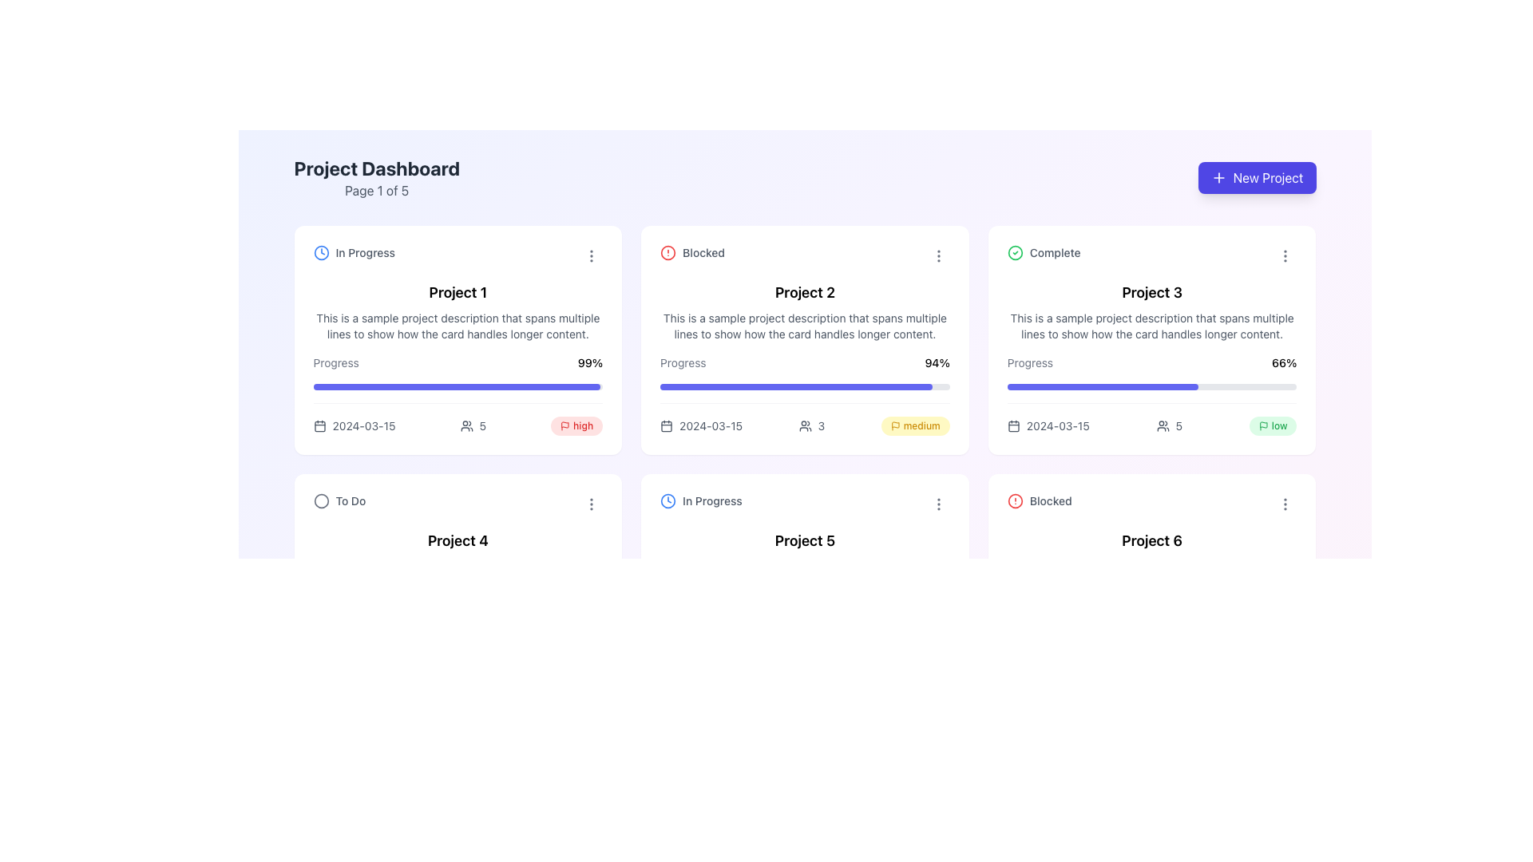  Describe the element at coordinates (805, 425) in the screenshot. I see `the users icon, which is a small circular gray icon representing a group of people, located within the 'Project 2' card and aligned vertically with the numeric value '3'` at that location.